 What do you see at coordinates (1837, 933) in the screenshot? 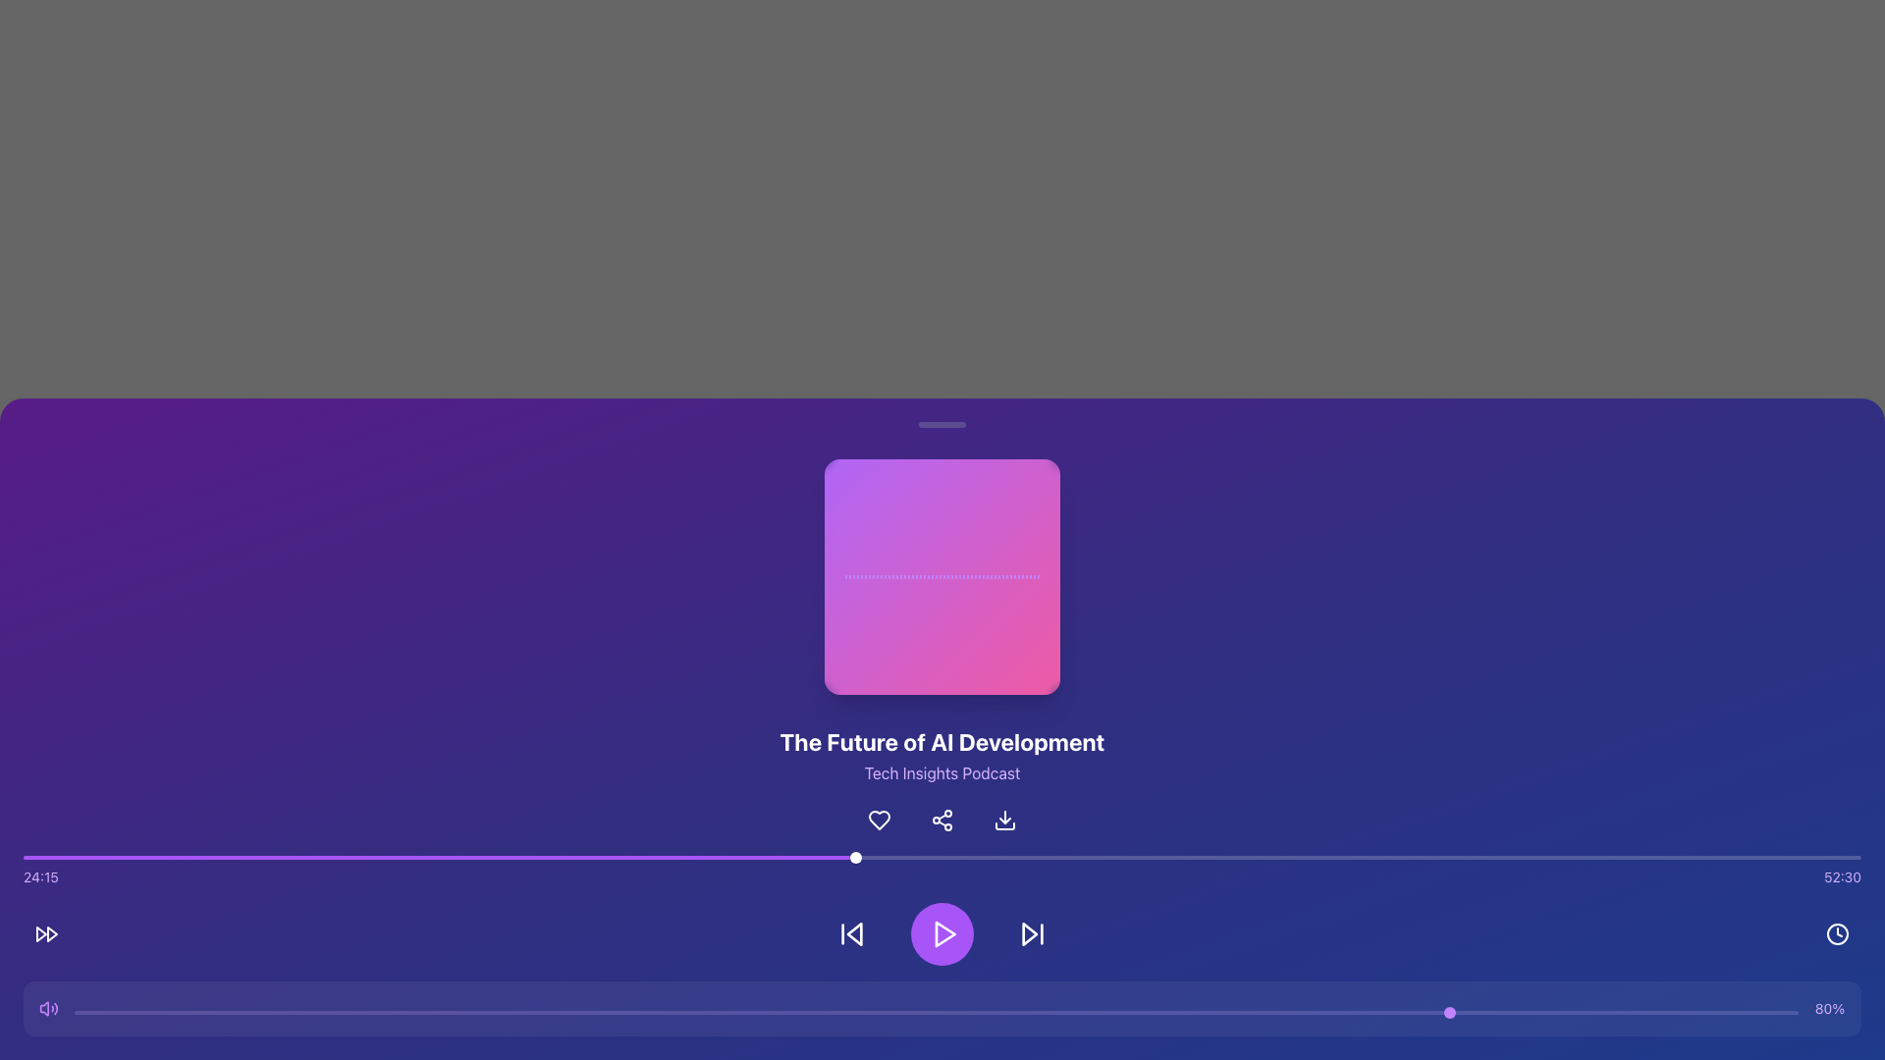
I see `the sleep timer icon, which resembles a clock and is located at the bottom-right of the interface near the playback progress bar` at bounding box center [1837, 933].